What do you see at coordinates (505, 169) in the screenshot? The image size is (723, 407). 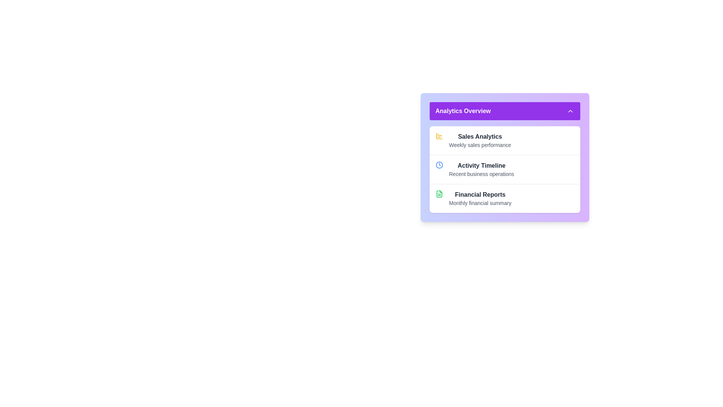 I see `the list item displaying a blue circular icon with a clock symbol and the title 'Activity Timeline'` at bounding box center [505, 169].